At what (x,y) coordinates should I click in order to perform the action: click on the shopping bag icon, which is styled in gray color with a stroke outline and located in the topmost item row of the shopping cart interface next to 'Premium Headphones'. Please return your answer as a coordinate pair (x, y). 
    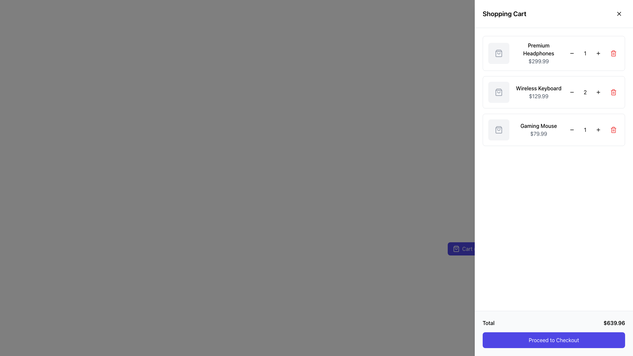
    Looking at the image, I should click on (498, 53).